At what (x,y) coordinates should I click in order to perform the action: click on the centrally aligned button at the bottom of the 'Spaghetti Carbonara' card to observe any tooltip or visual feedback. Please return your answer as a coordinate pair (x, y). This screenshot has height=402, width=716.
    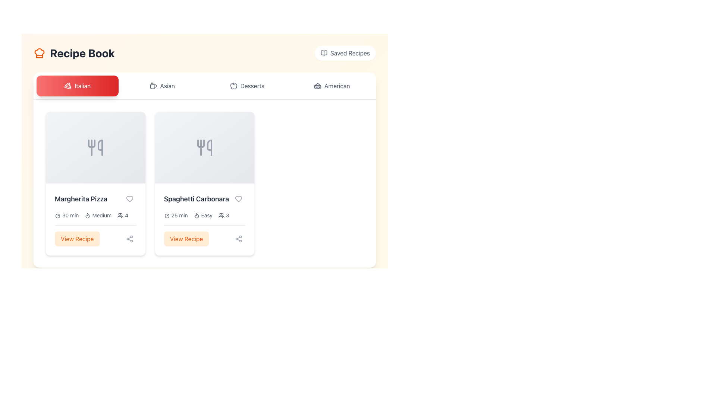
    Looking at the image, I should click on (186, 239).